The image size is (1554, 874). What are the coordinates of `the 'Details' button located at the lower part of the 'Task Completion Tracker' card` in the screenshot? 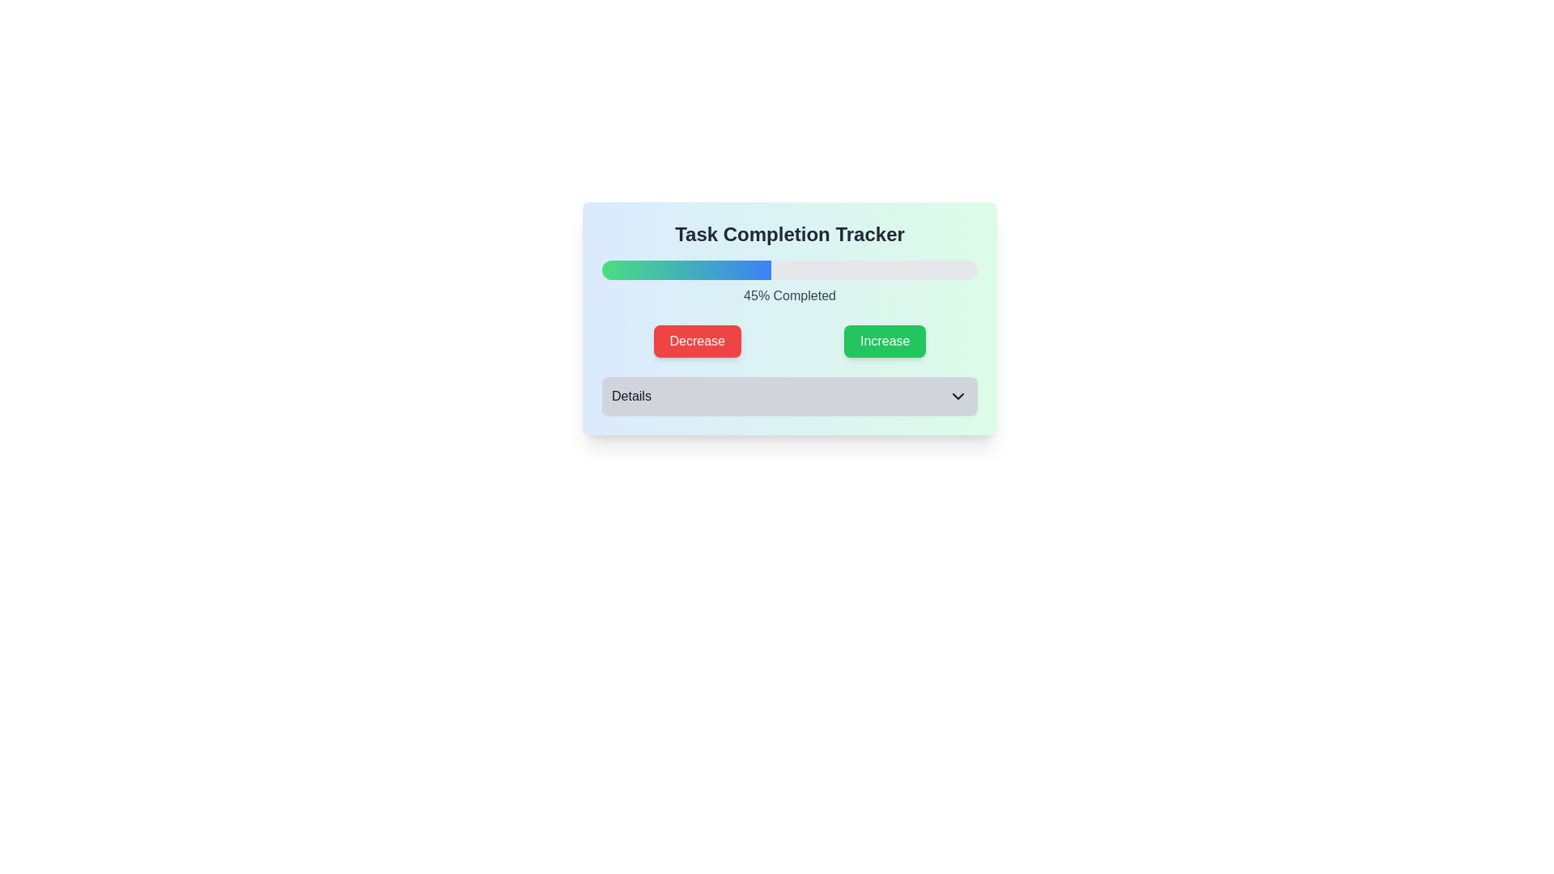 It's located at (789, 396).